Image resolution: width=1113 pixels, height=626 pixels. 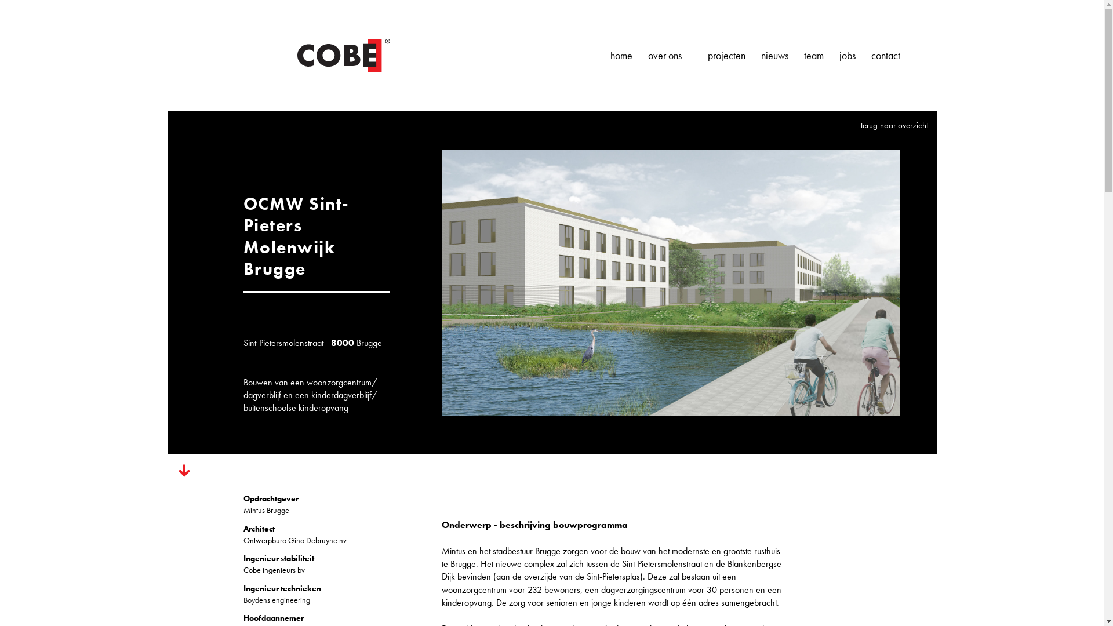 What do you see at coordinates (803, 56) in the screenshot?
I see `'team'` at bounding box center [803, 56].